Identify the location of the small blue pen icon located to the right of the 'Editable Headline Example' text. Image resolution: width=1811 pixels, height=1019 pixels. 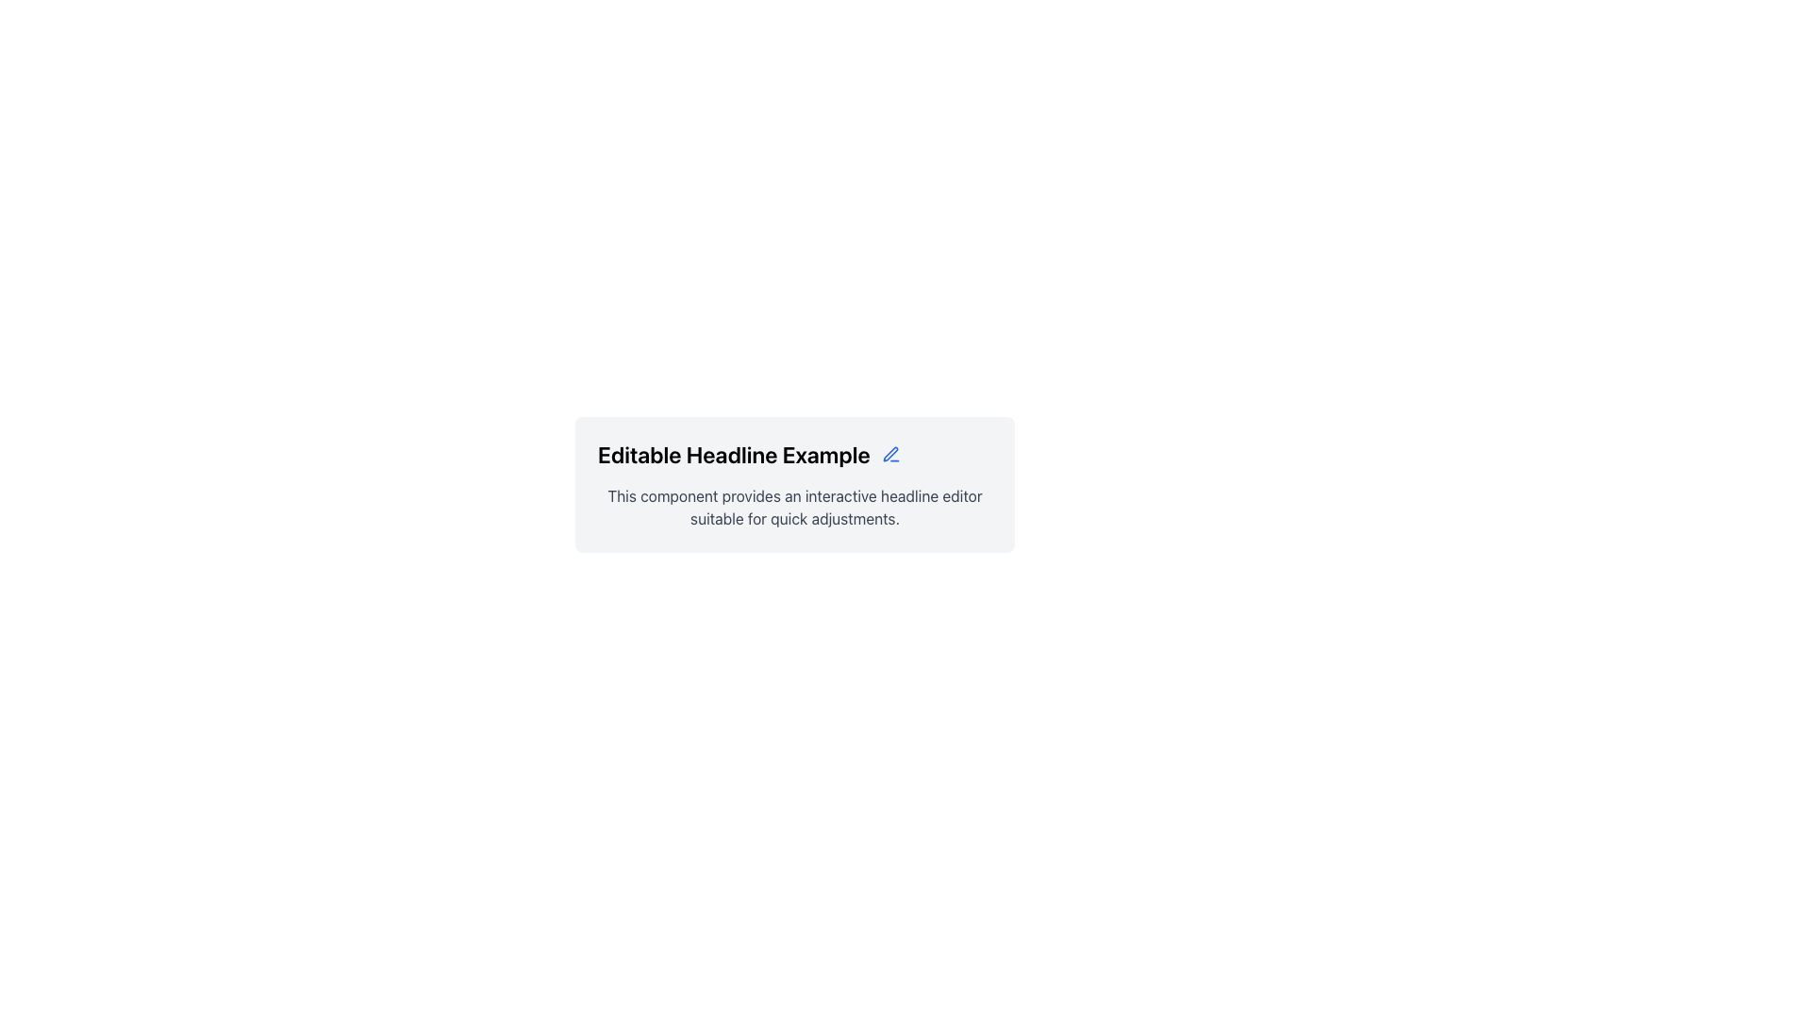
(889, 455).